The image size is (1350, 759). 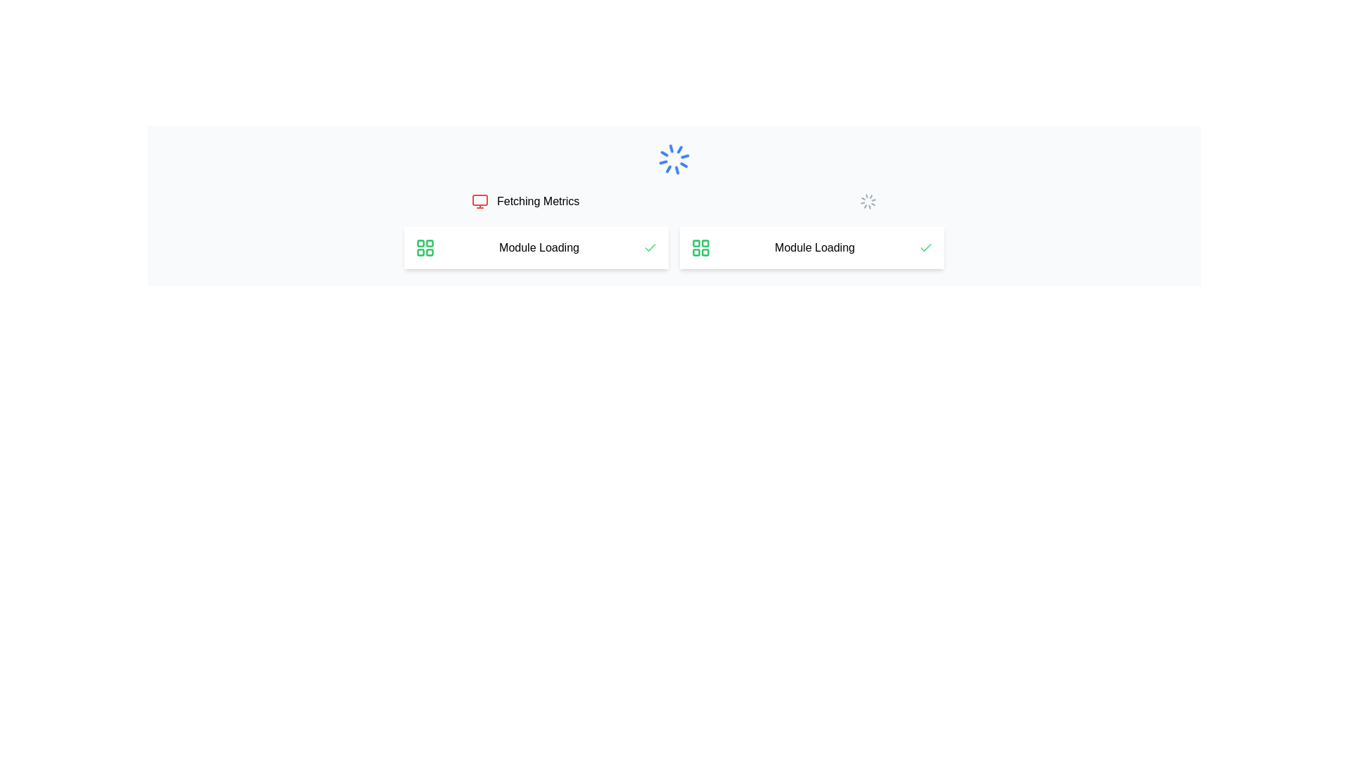 What do you see at coordinates (812, 247) in the screenshot?
I see `the 'Module Loading' informational panel, which is the second item in a two-column grid layout` at bounding box center [812, 247].